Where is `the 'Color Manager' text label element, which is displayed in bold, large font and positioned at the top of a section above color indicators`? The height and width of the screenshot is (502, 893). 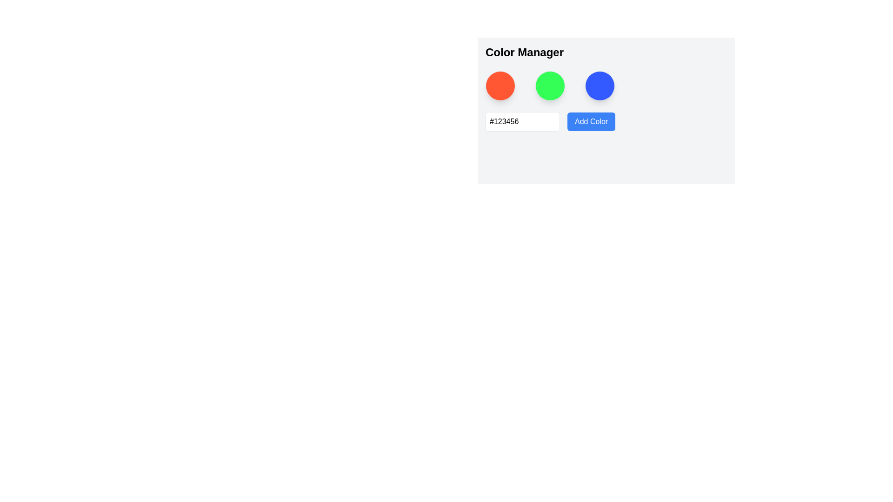 the 'Color Manager' text label element, which is displayed in bold, large font and positioned at the top of a section above color indicators is located at coordinates (525, 52).